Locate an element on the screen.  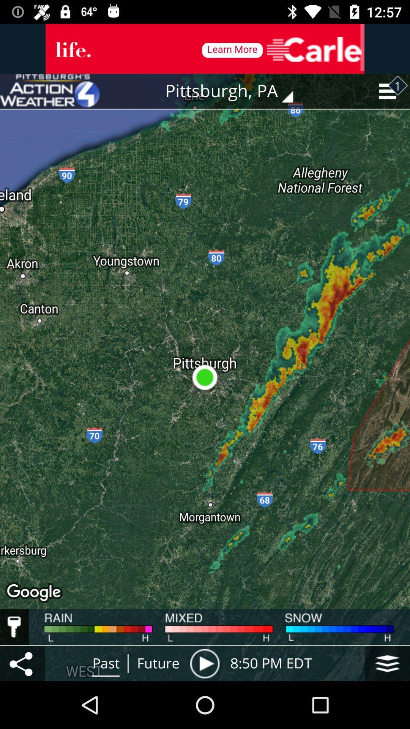
the item next to the past item is located at coordinates (22, 663).